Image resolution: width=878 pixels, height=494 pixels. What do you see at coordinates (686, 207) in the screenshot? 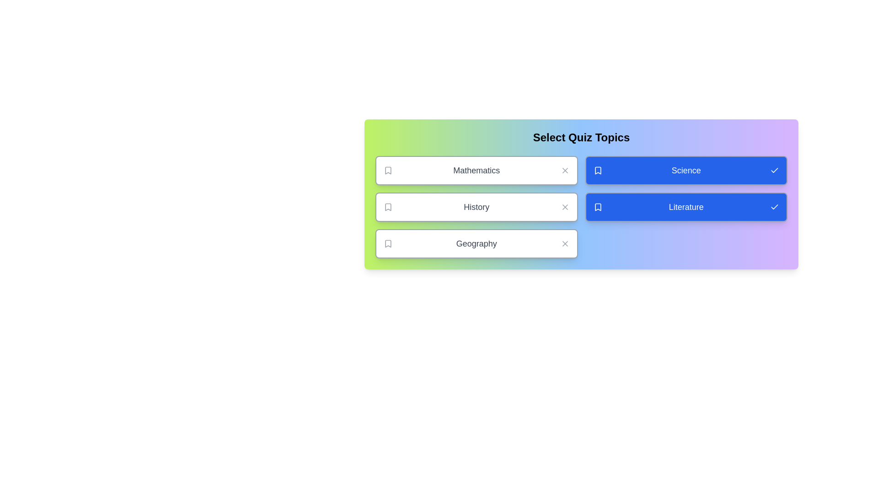
I see `the topic Literature by clicking on its card` at bounding box center [686, 207].